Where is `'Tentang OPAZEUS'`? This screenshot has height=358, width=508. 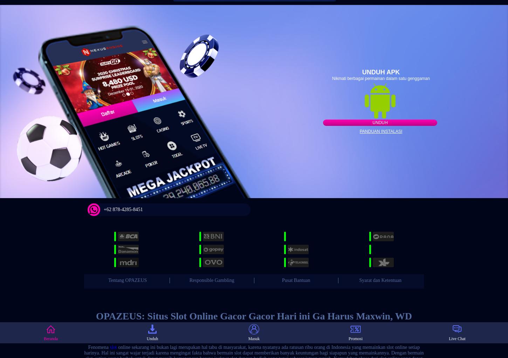
'Tentang OPAZEUS' is located at coordinates (127, 279).